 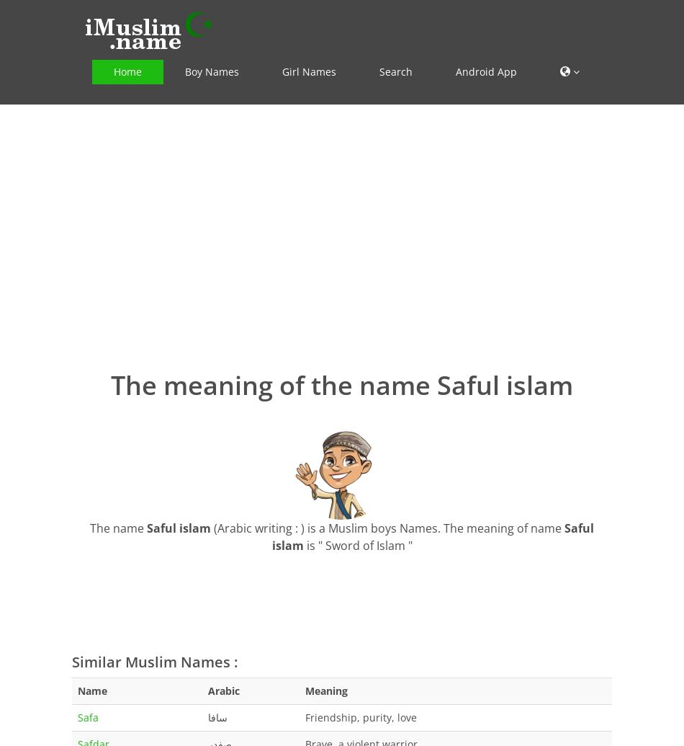 I want to click on 'Android App', so click(x=486, y=71).